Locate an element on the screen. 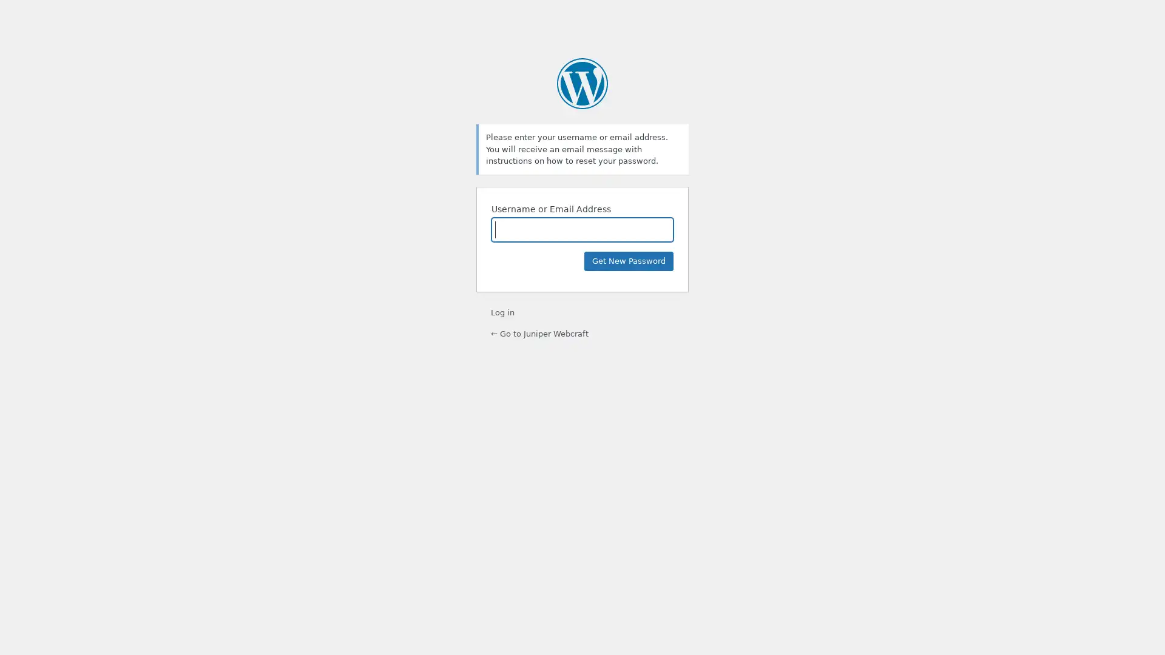  Get New Password is located at coordinates (629, 260).